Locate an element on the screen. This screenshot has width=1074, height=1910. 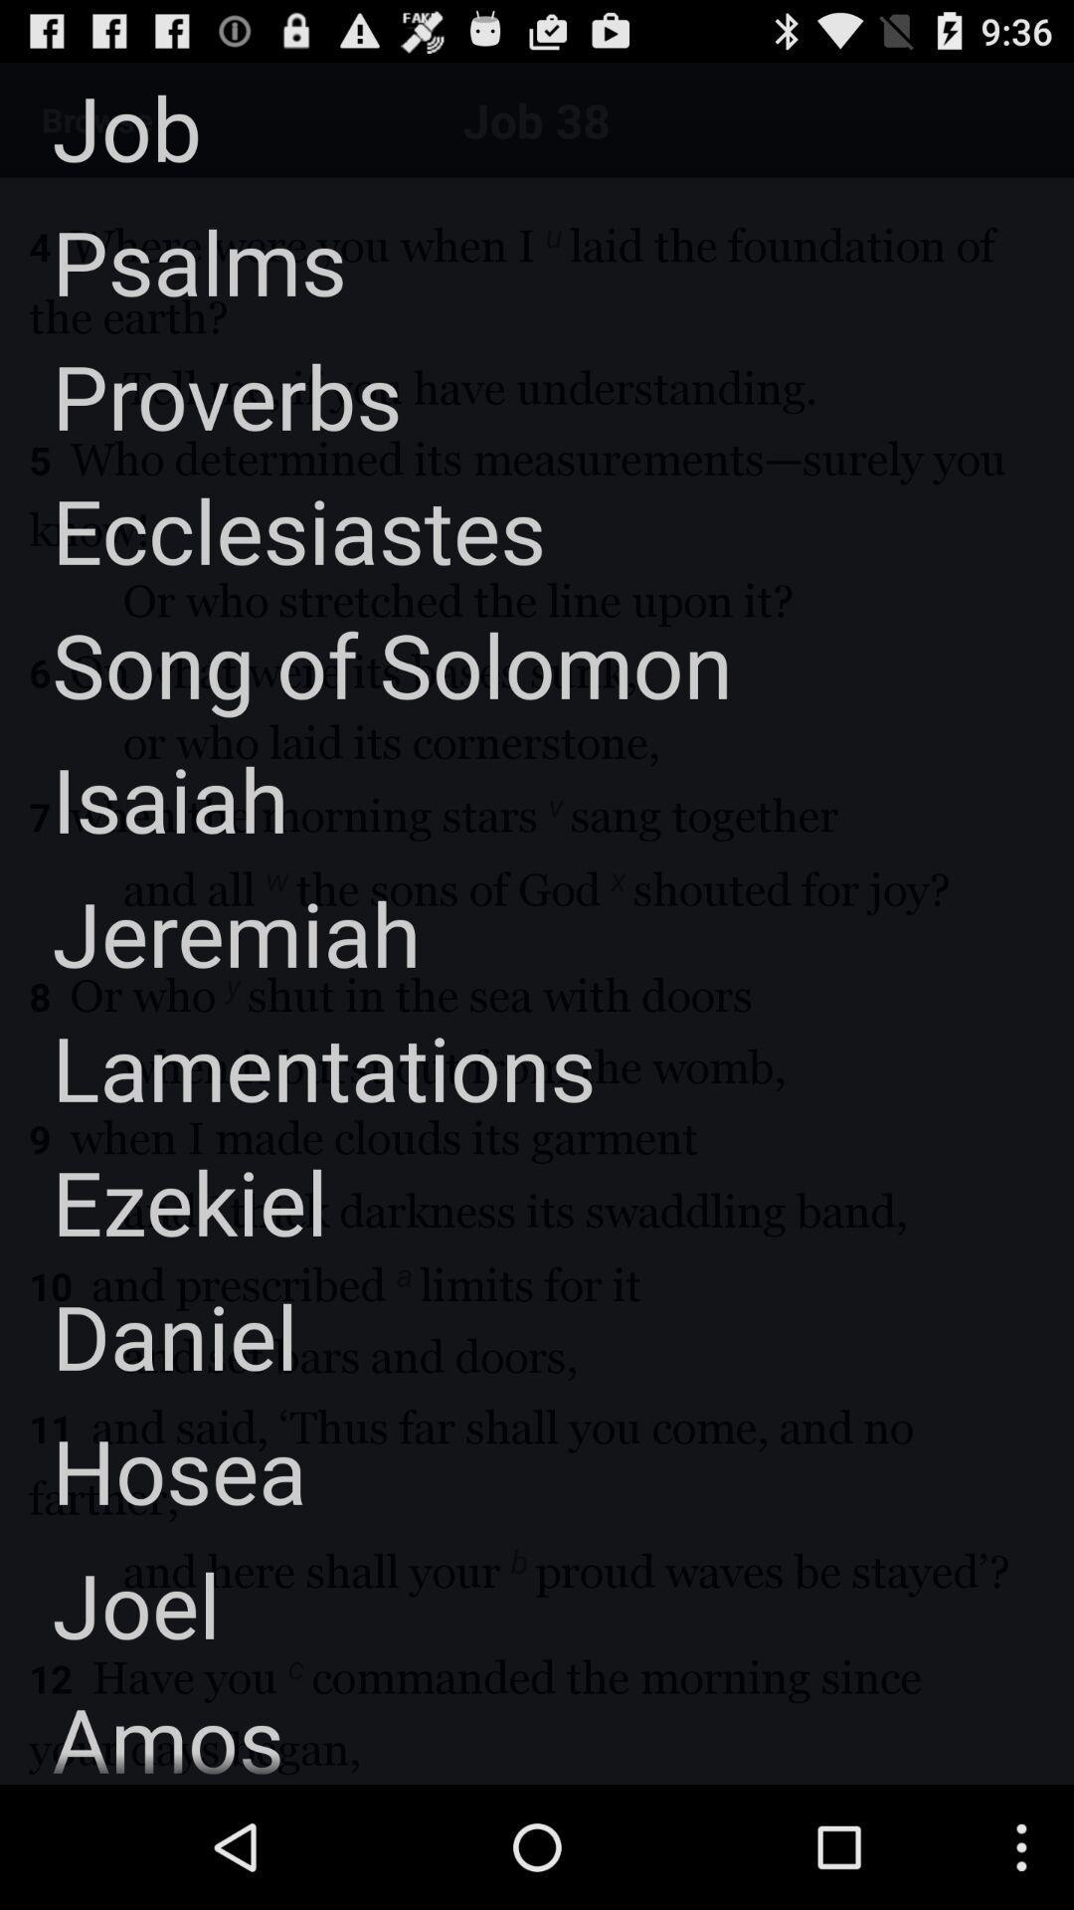
the item below the jeremiah icon is located at coordinates (297, 1065).